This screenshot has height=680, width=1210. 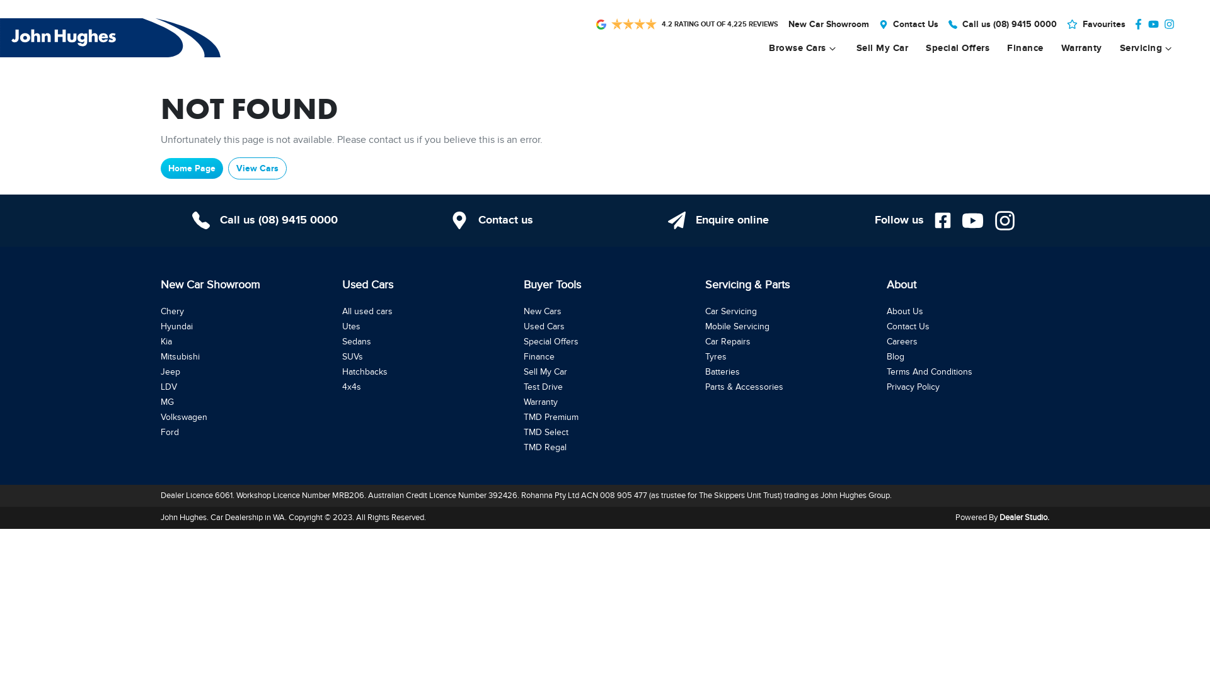 I want to click on 'Terms And Conditions', so click(x=929, y=371).